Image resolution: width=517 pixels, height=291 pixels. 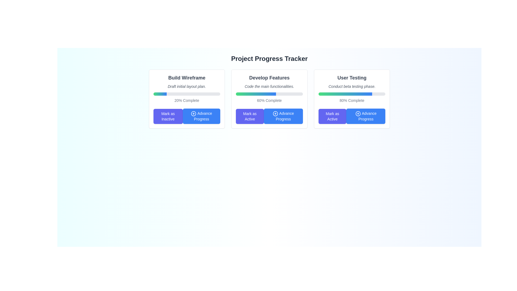 I want to click on the indigo 'Mark as Active' button with rounded design located in the 'Develop Features' section to observe the hover effect, so click(x=249, y=116).